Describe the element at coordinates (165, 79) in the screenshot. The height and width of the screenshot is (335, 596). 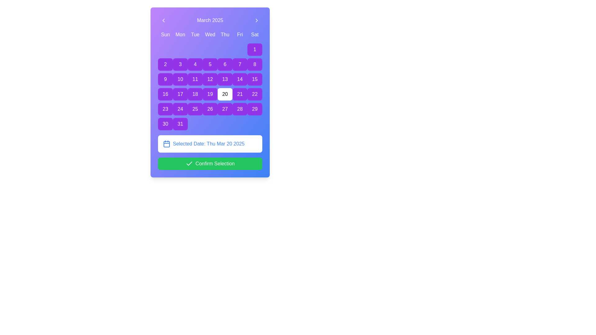
I see `the rectangular button with rounded corners, styled in purple with white text labeled '9', located in the second row and first column of the grid representing a calendar` at that location.